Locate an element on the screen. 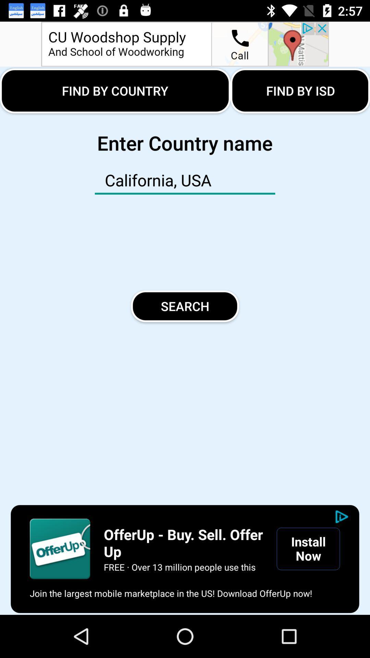 The width and height of the screenshot is (370, 658). open advertisement is located at coordinates (60, 549).